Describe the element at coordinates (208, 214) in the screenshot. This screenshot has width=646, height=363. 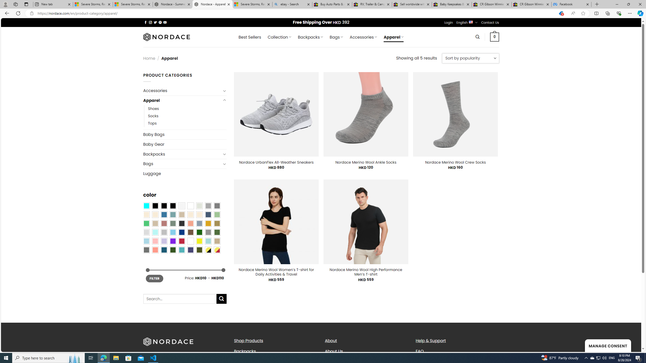
I see `'Hale Navy'` at that location.